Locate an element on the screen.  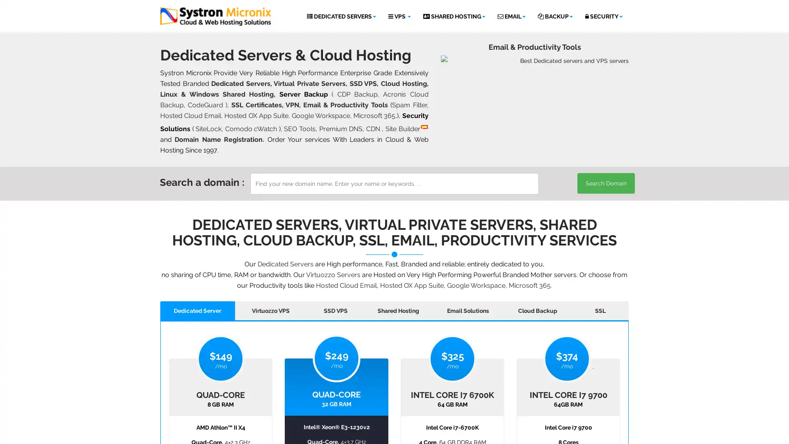
Search Domain is located at coordinates (606, 182).